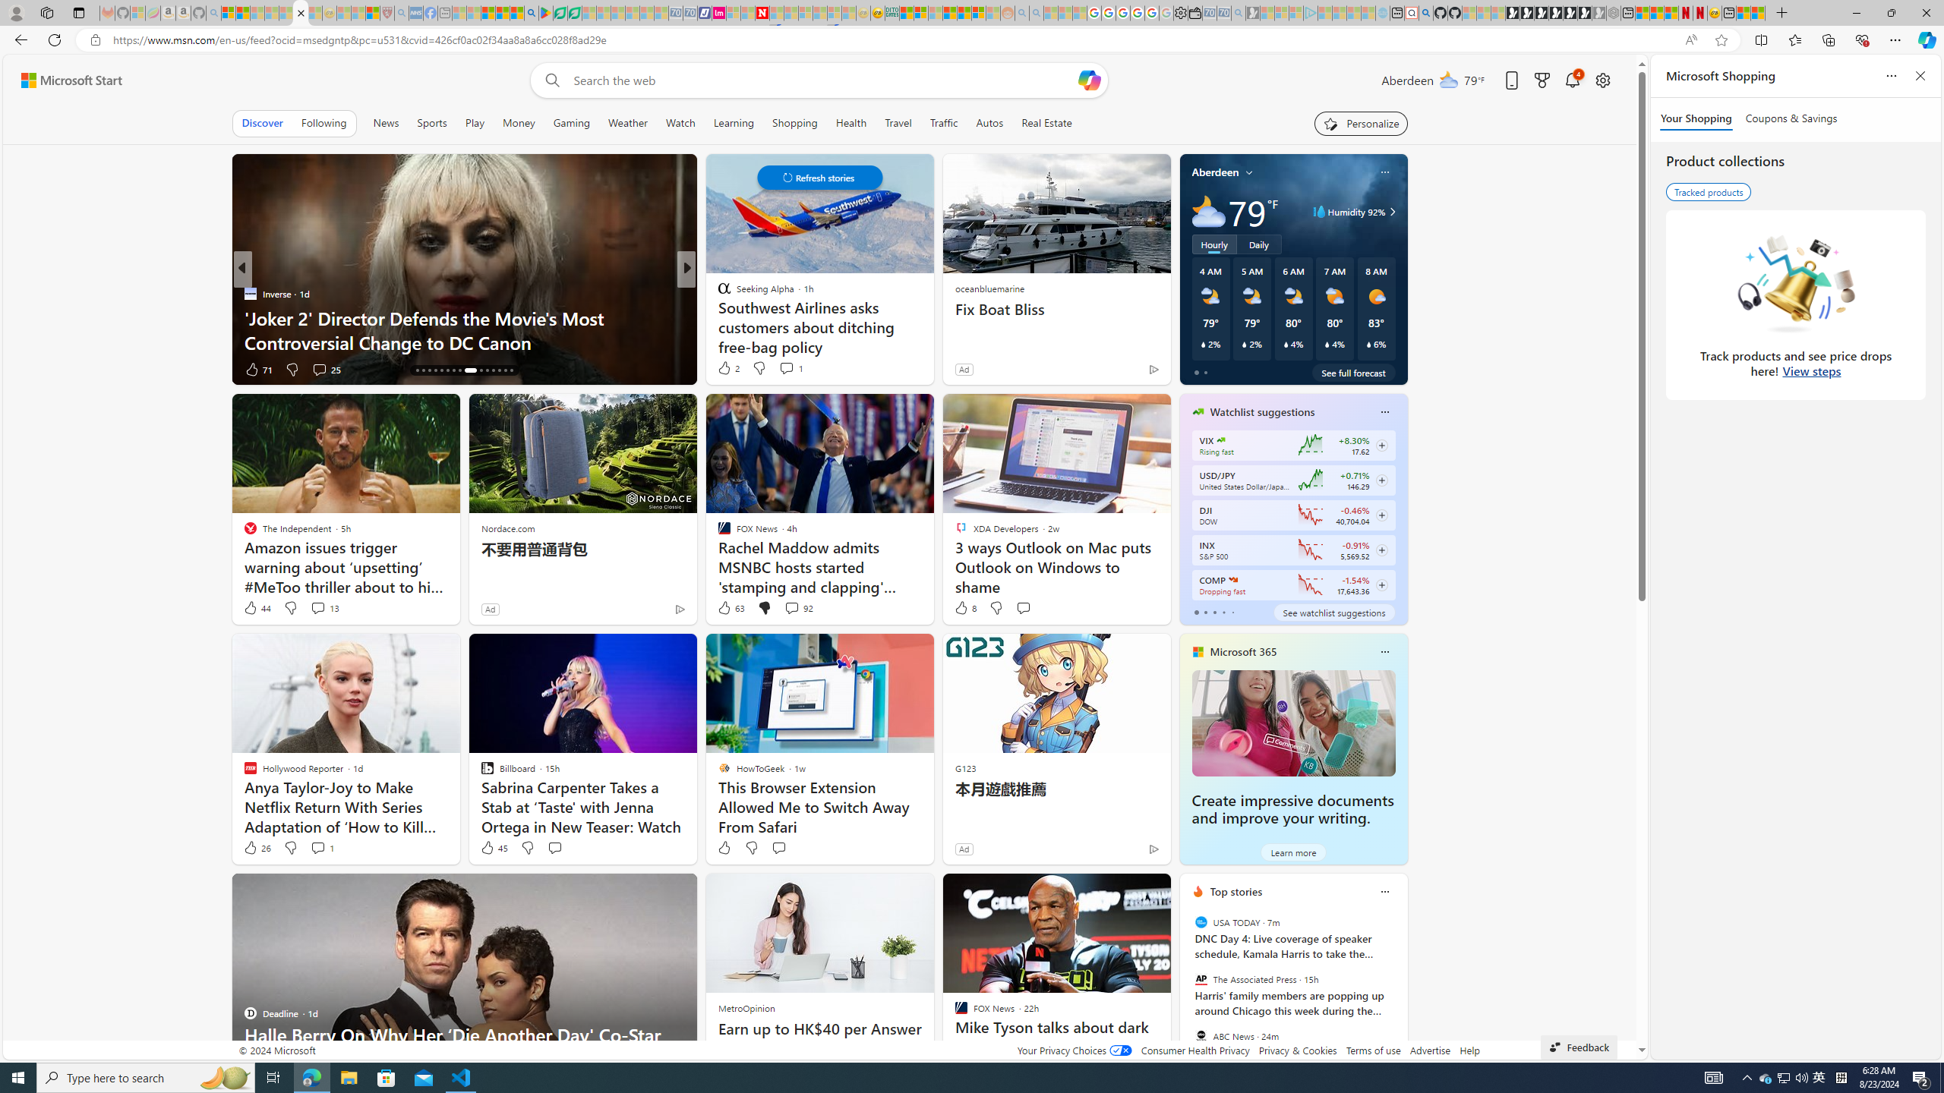 This screenshot has height=1093, width=1944. Describe the element at coordinates (950, 12) in the screenshot. I see `'Expert Portfolios'` at that location.